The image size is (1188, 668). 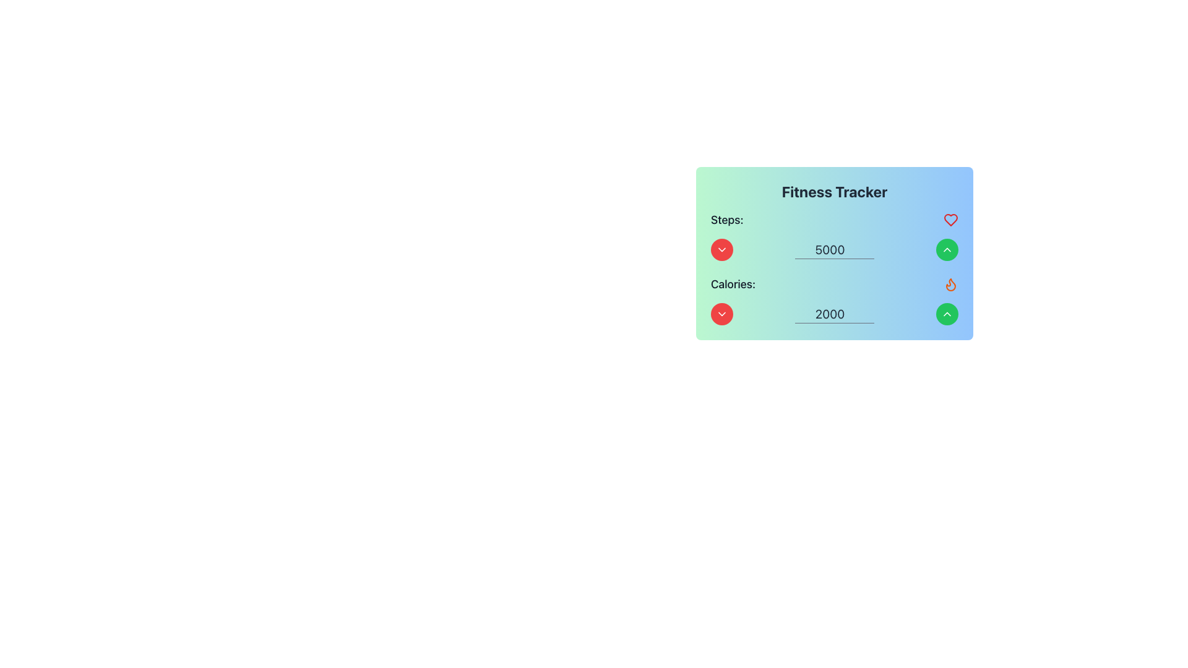 I want to click on the heart icon located in the upper-right corner of the 'Fitness Tracker' interface, so click(x=950, y=219).